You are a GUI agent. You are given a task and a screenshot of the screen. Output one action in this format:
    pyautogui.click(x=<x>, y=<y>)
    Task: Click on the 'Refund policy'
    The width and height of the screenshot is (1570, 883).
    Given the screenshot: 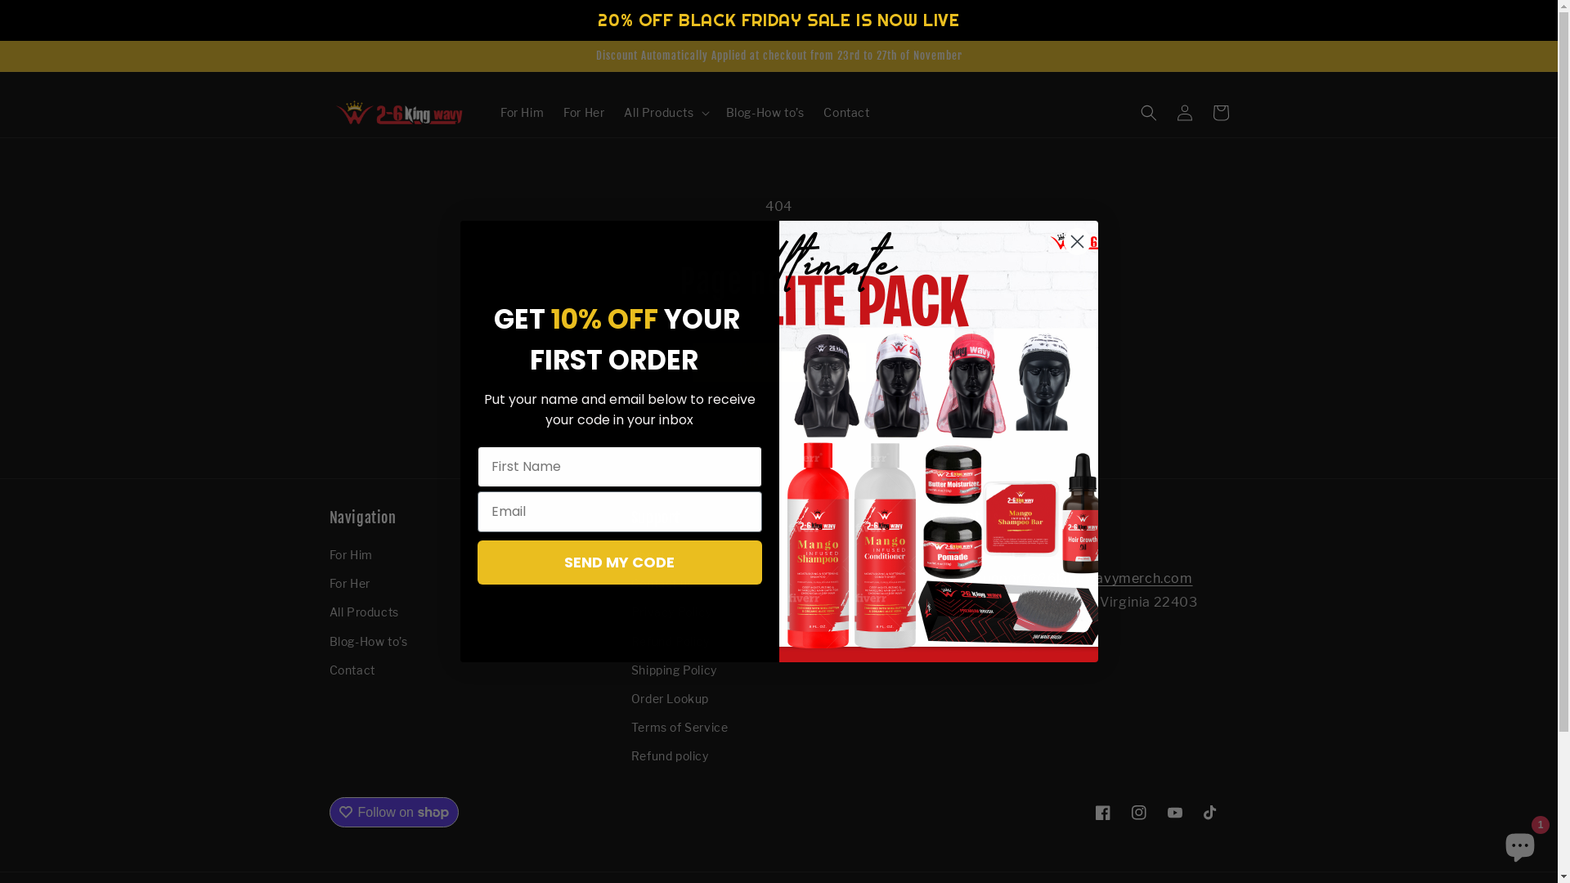 What is the action you would take?
    pyautogui.click(x=630, y=755)
    